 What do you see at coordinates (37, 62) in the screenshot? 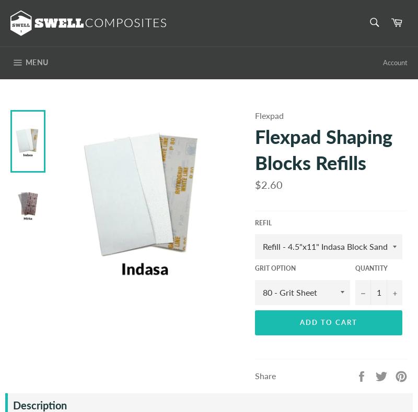
I see `'Menu'` at bounding box center [37, 62].